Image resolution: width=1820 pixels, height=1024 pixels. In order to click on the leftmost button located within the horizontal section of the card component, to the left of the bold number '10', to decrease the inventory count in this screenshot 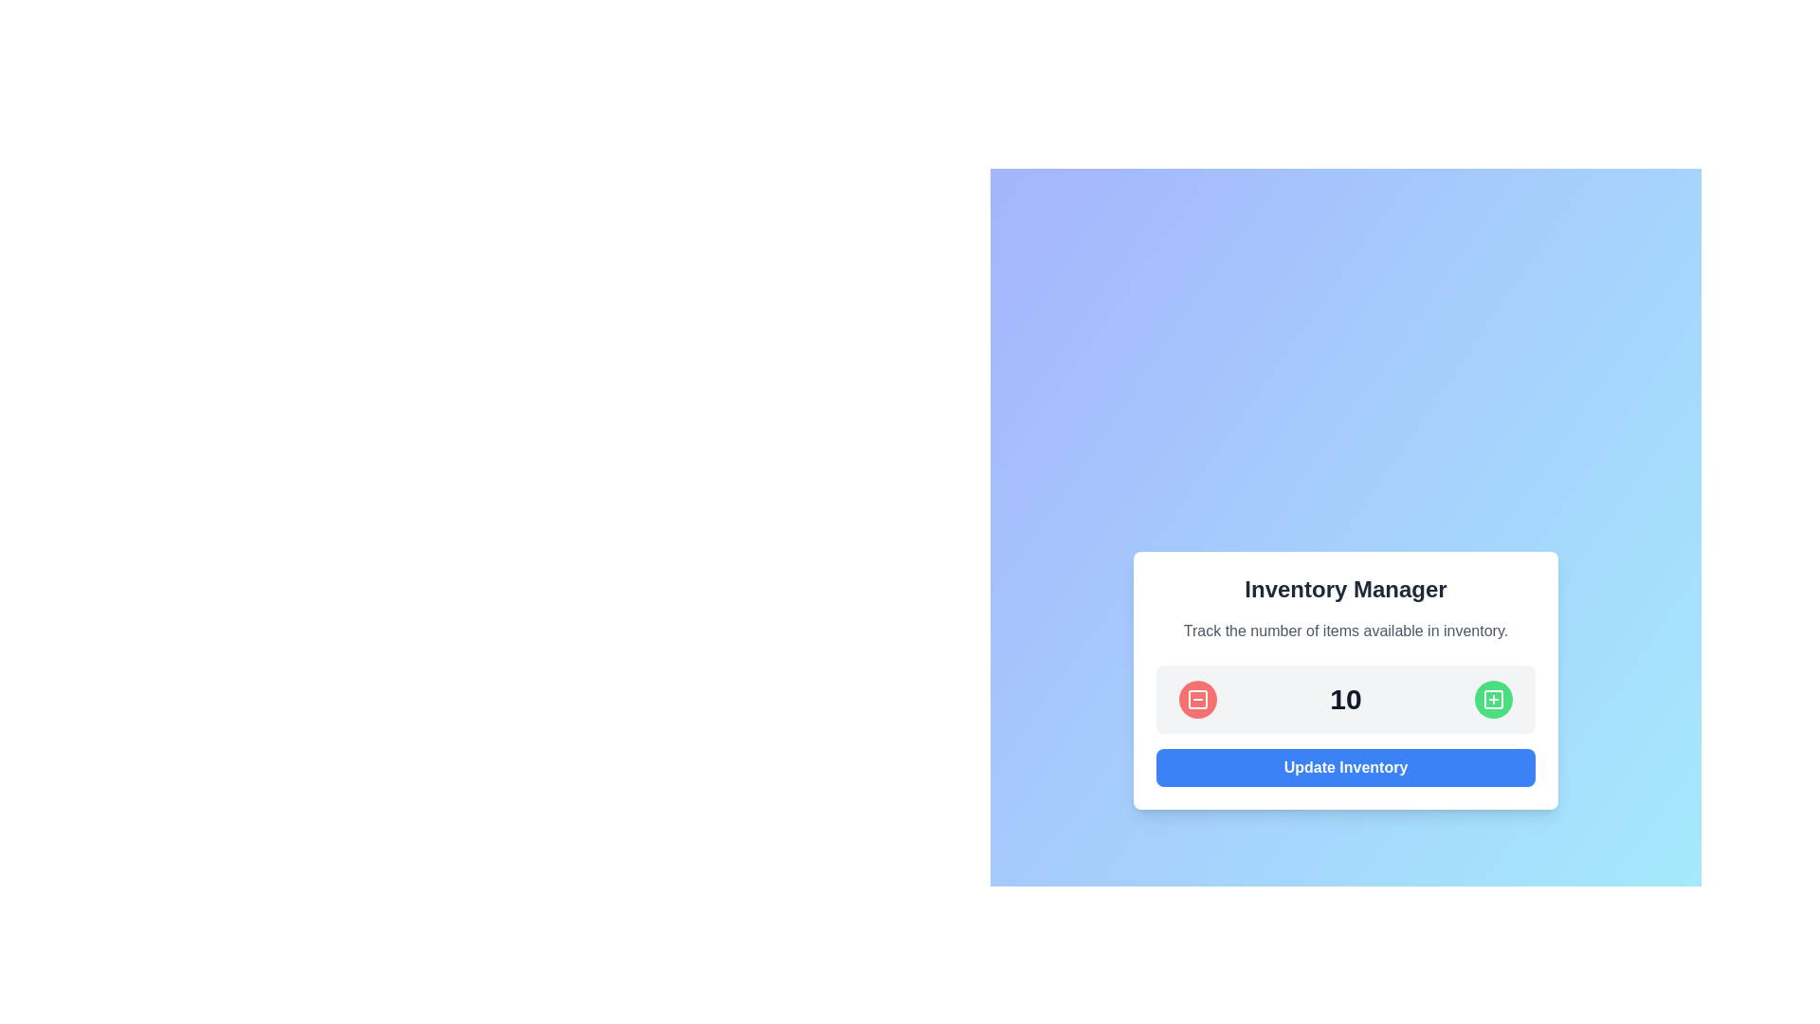, I will do `click(1196, 699)`.